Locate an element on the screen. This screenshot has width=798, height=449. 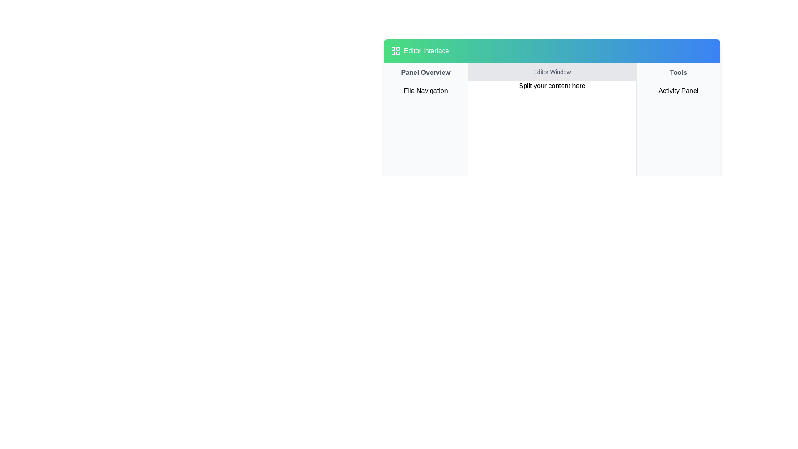
the decorative icon in the top navigation section, positioned left of the 'Editor Interface' text, which has a green-to-blue gradient background is located at coordinates (395, 51).